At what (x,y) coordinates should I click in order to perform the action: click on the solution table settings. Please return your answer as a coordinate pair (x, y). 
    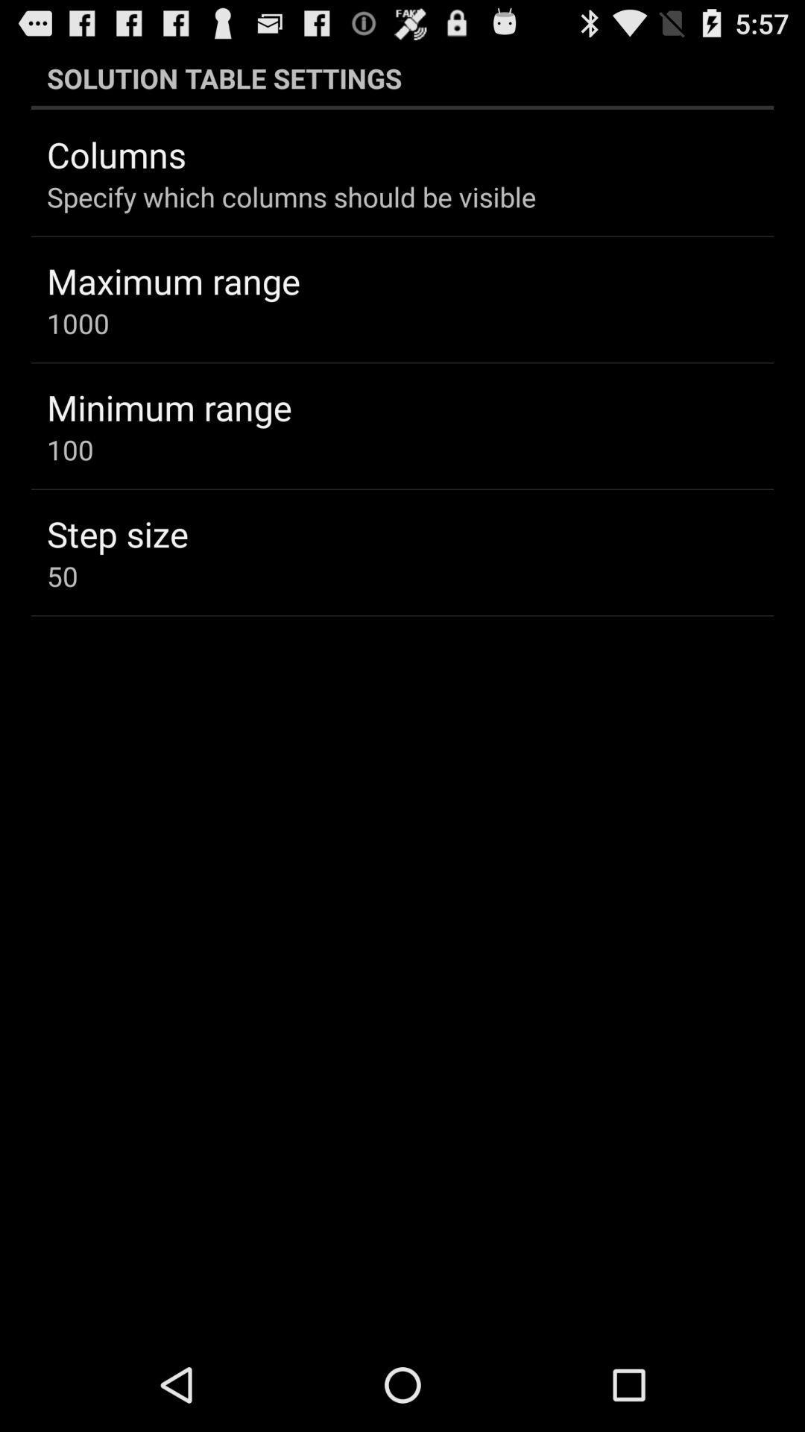
    Looking at the image, I should click on (402, 78).